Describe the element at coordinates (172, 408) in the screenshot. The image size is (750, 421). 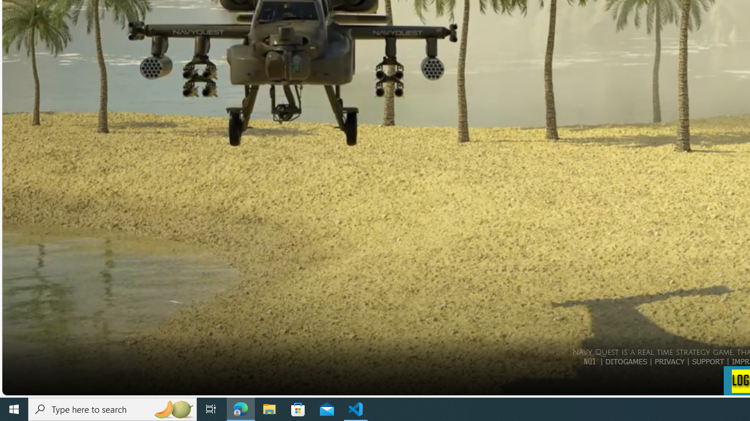
I see `'Search highlights icon opens search home window'` at that location.